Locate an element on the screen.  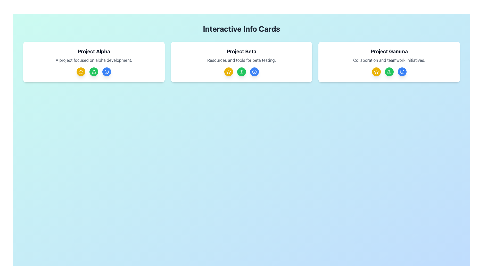
the favoriting icon located centrally below the heading 'Project Beta' in the middle card of the interface, positioned to the left of two circular icons is located at coordinates (376, 72).